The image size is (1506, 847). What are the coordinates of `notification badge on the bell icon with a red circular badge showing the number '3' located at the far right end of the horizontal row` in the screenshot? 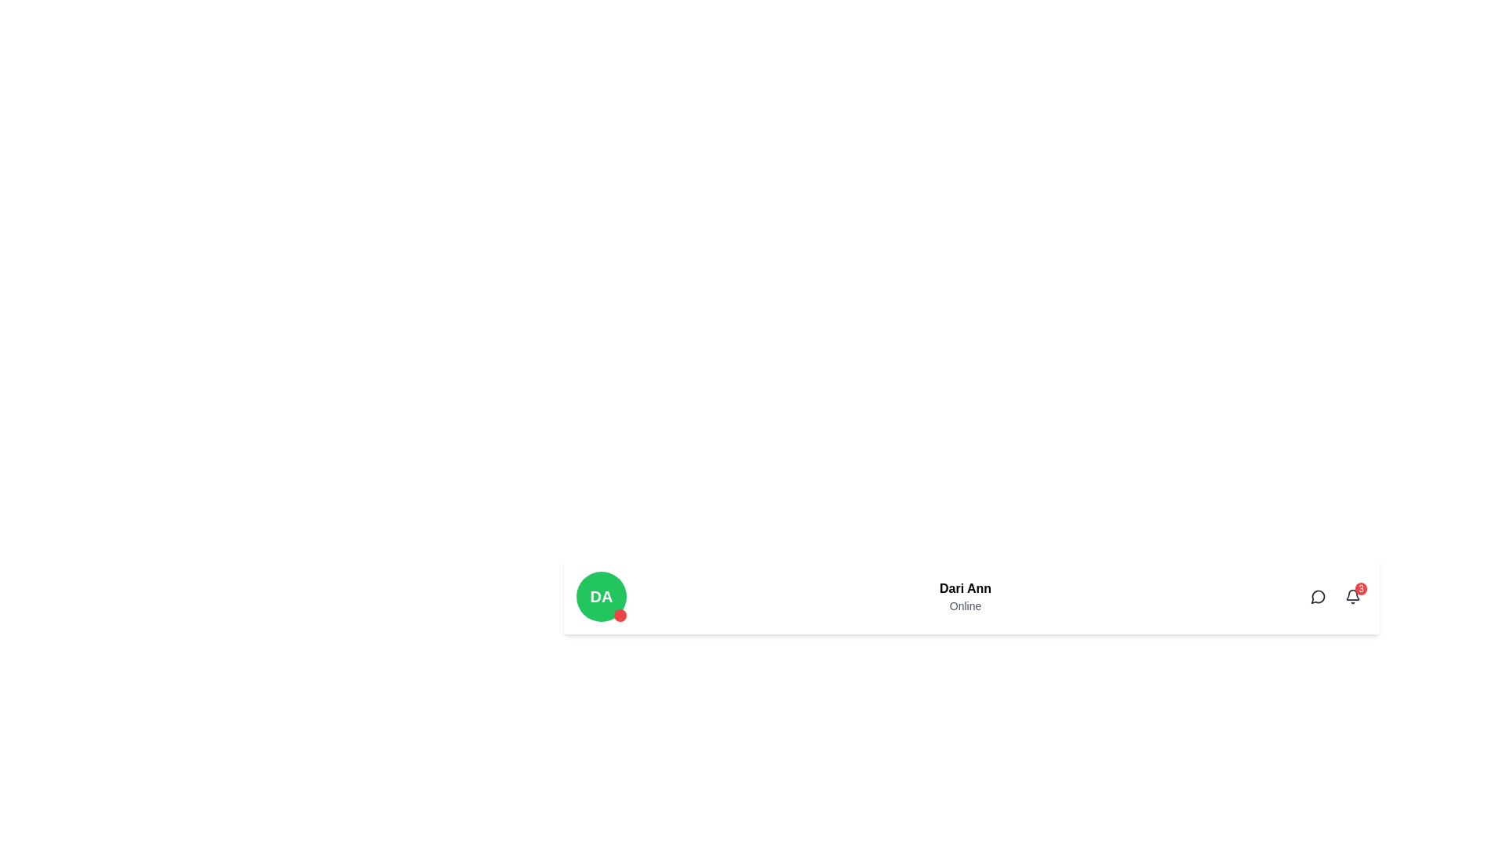 It's located at (1351, 596).